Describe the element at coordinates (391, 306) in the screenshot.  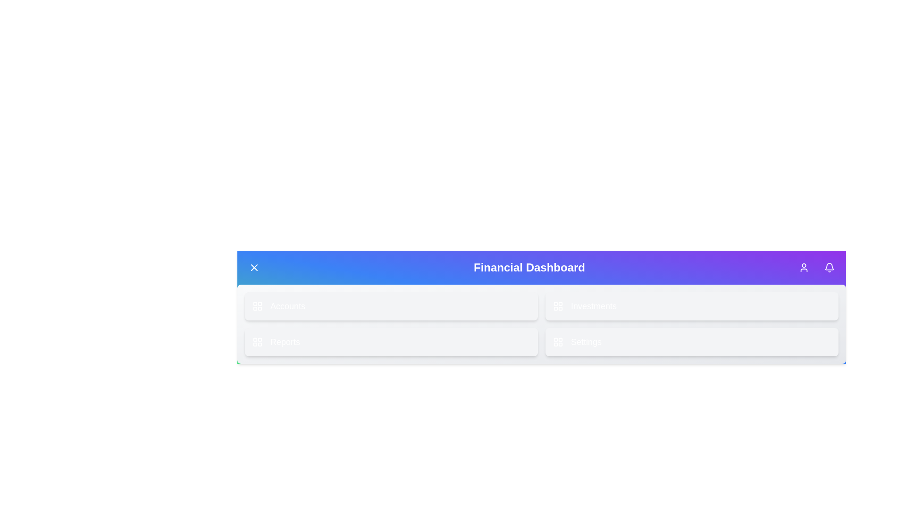
I see `the 'Accounts' button to navigate to the Accounts section` at that location.